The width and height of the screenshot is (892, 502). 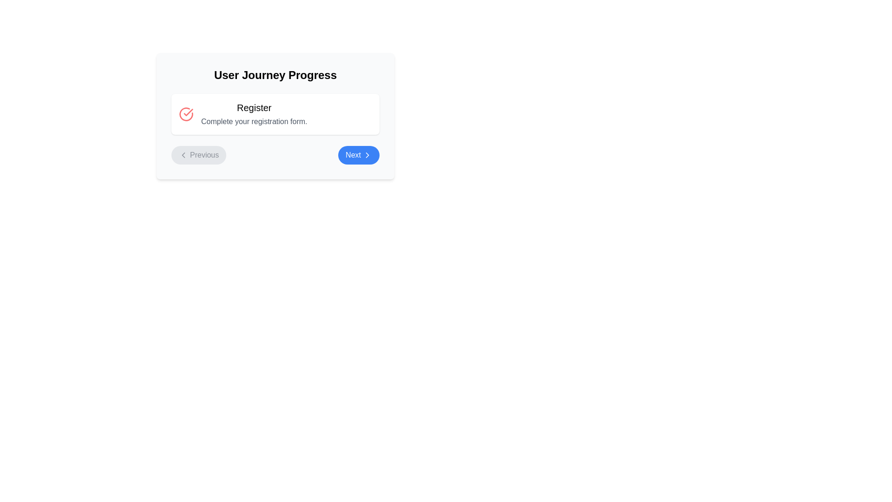 I want to click on the status significance of the completed or verified action icon positioned to the left of the 'Register' text within a white box, so click(x=186, y=114).